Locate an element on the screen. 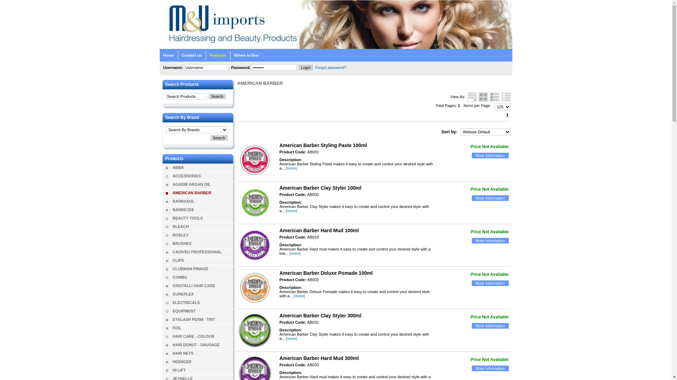 Image resolution: width=677 pixels, height=380 pixels. '[more]' is located at coordinates (286, 168).